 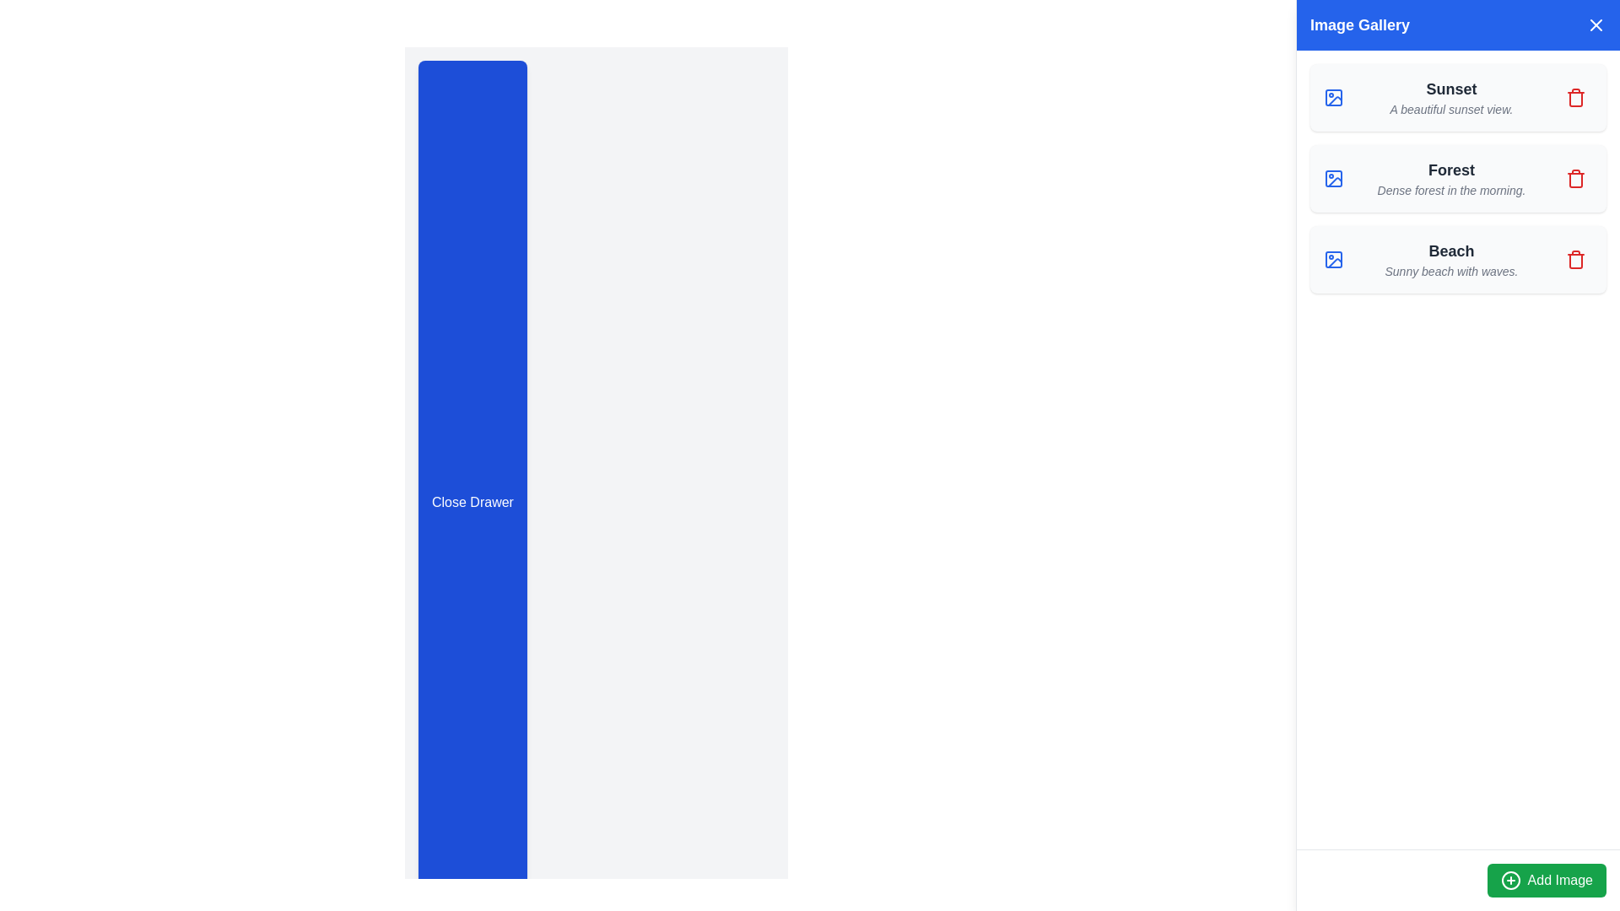 I want to click on the red trash can icon, which is the second icon to the right of the 'Forest' image title in the 'Image Gallery' section, so click(x=1574, y=179).